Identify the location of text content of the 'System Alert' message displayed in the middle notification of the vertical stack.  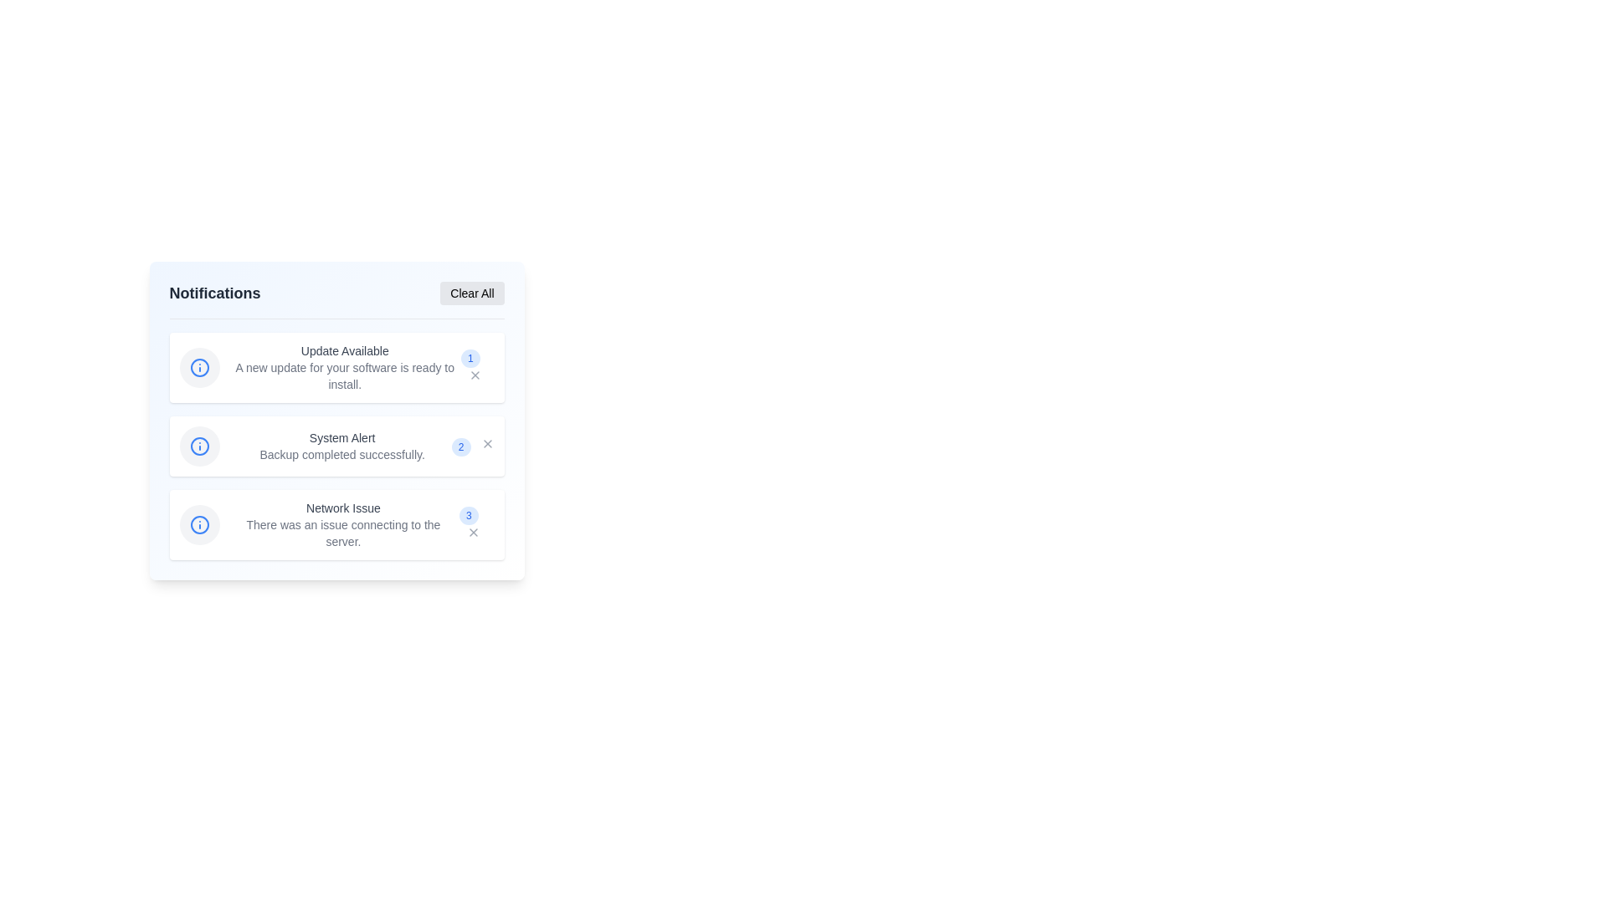
(341, 445).